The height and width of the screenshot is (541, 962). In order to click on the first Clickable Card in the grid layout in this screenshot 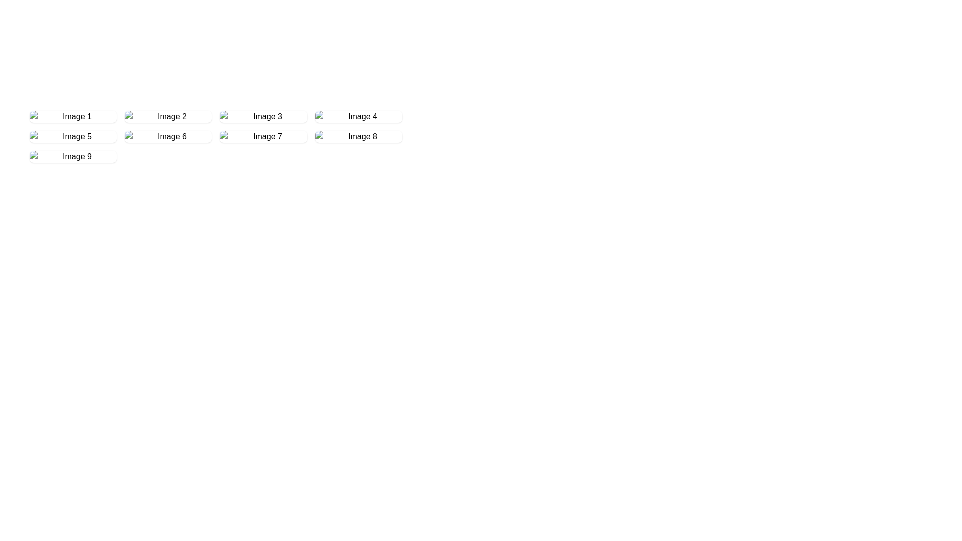, I will do `click(72, 116)`.